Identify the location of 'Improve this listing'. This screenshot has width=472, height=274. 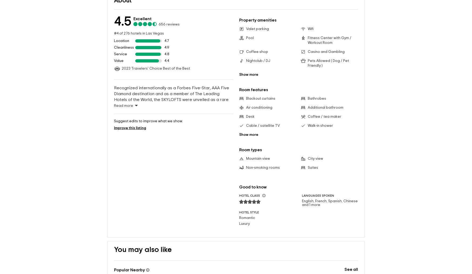
(130, 166).